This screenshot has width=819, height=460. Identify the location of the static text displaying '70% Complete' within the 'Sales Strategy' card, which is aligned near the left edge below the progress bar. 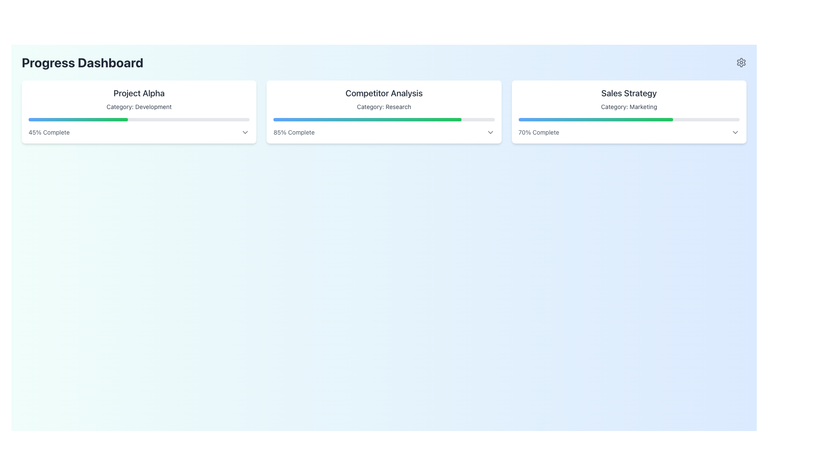
(538, 132).